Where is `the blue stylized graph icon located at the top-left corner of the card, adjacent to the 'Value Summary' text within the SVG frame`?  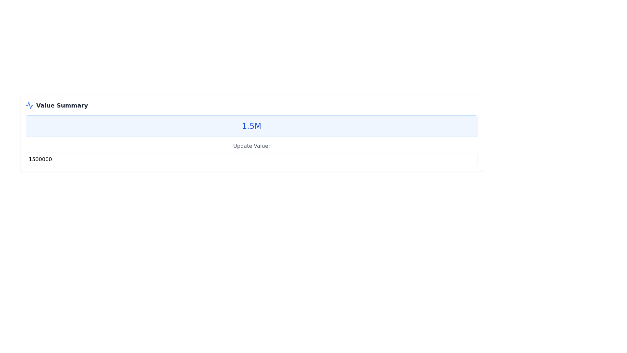 the blue stylized graph icon located at the top-left corner of the card, adjacent to the 'Value Summary' text within the SVG frame is located at coordinates (29, 105).